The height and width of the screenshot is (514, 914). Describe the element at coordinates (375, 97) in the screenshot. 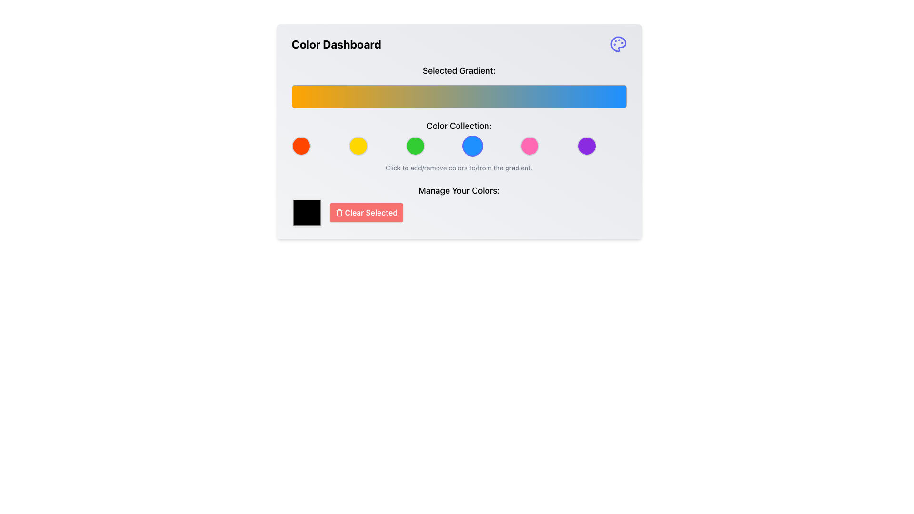

I see `the gradient selection` at that location.